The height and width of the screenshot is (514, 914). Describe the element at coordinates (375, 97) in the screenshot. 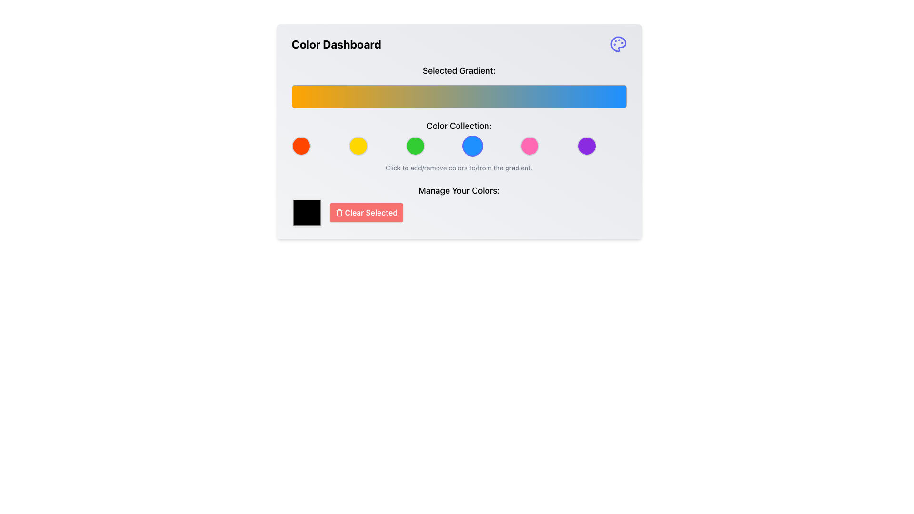

I see `the gradient selection` at that location.